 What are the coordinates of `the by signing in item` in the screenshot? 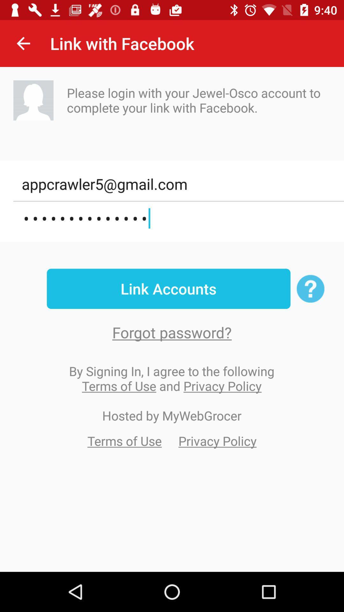 It's located at (171, 378).